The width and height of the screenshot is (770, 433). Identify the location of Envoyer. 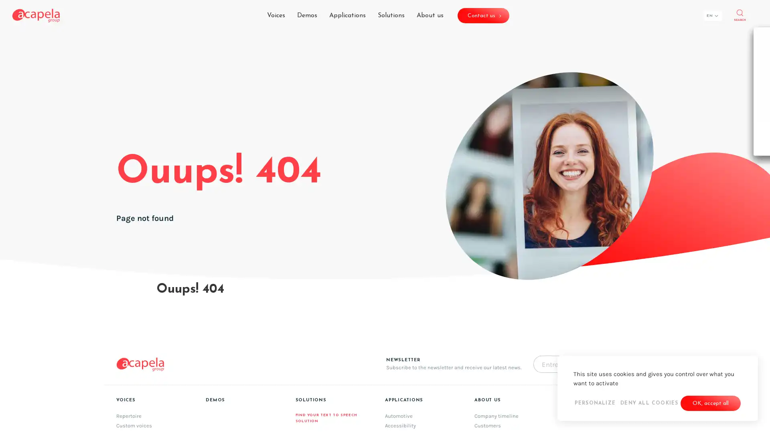
(624, 364).